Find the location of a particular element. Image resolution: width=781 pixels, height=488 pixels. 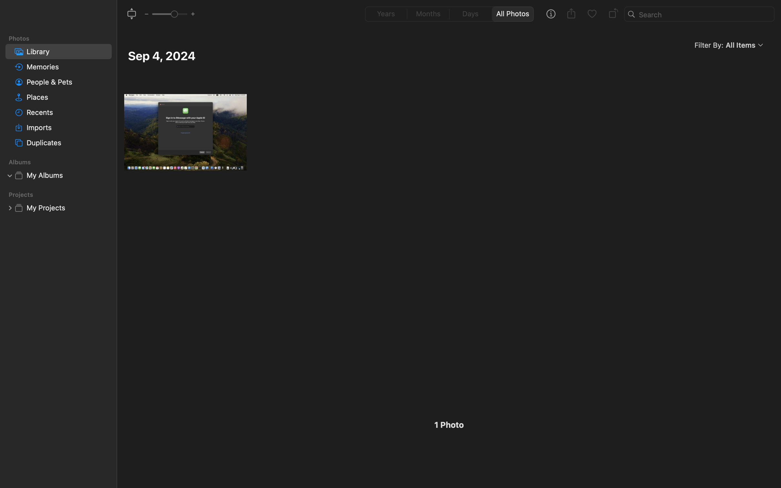

'2.0' is located at coordinates (169, 13).